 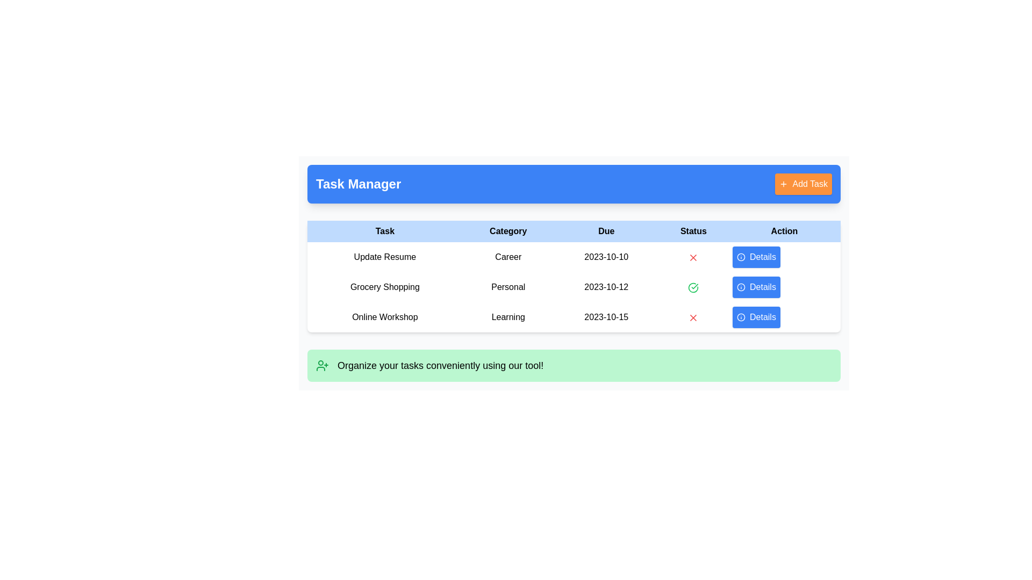 What do you see at coordinates (606, 287) in the screenshot?
I see `the text label '2023-10-12' located in the 'Due' column of the table, which is aligned with the 'Grocery Shopping' task` at bounding box center [606, 287].